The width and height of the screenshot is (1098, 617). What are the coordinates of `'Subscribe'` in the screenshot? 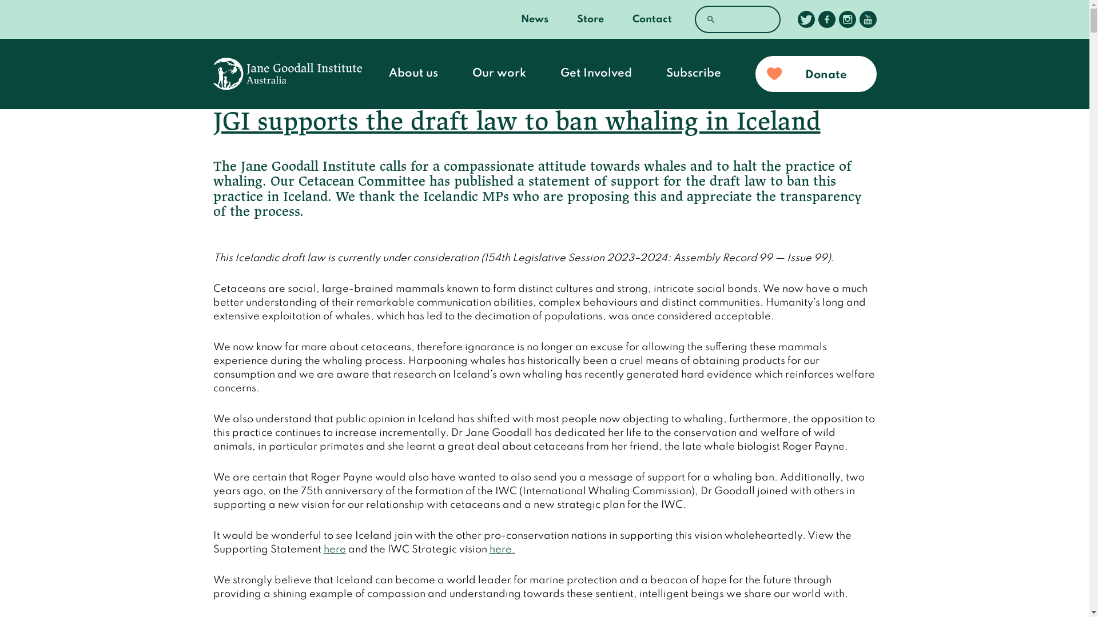 It's located at (666, 73).